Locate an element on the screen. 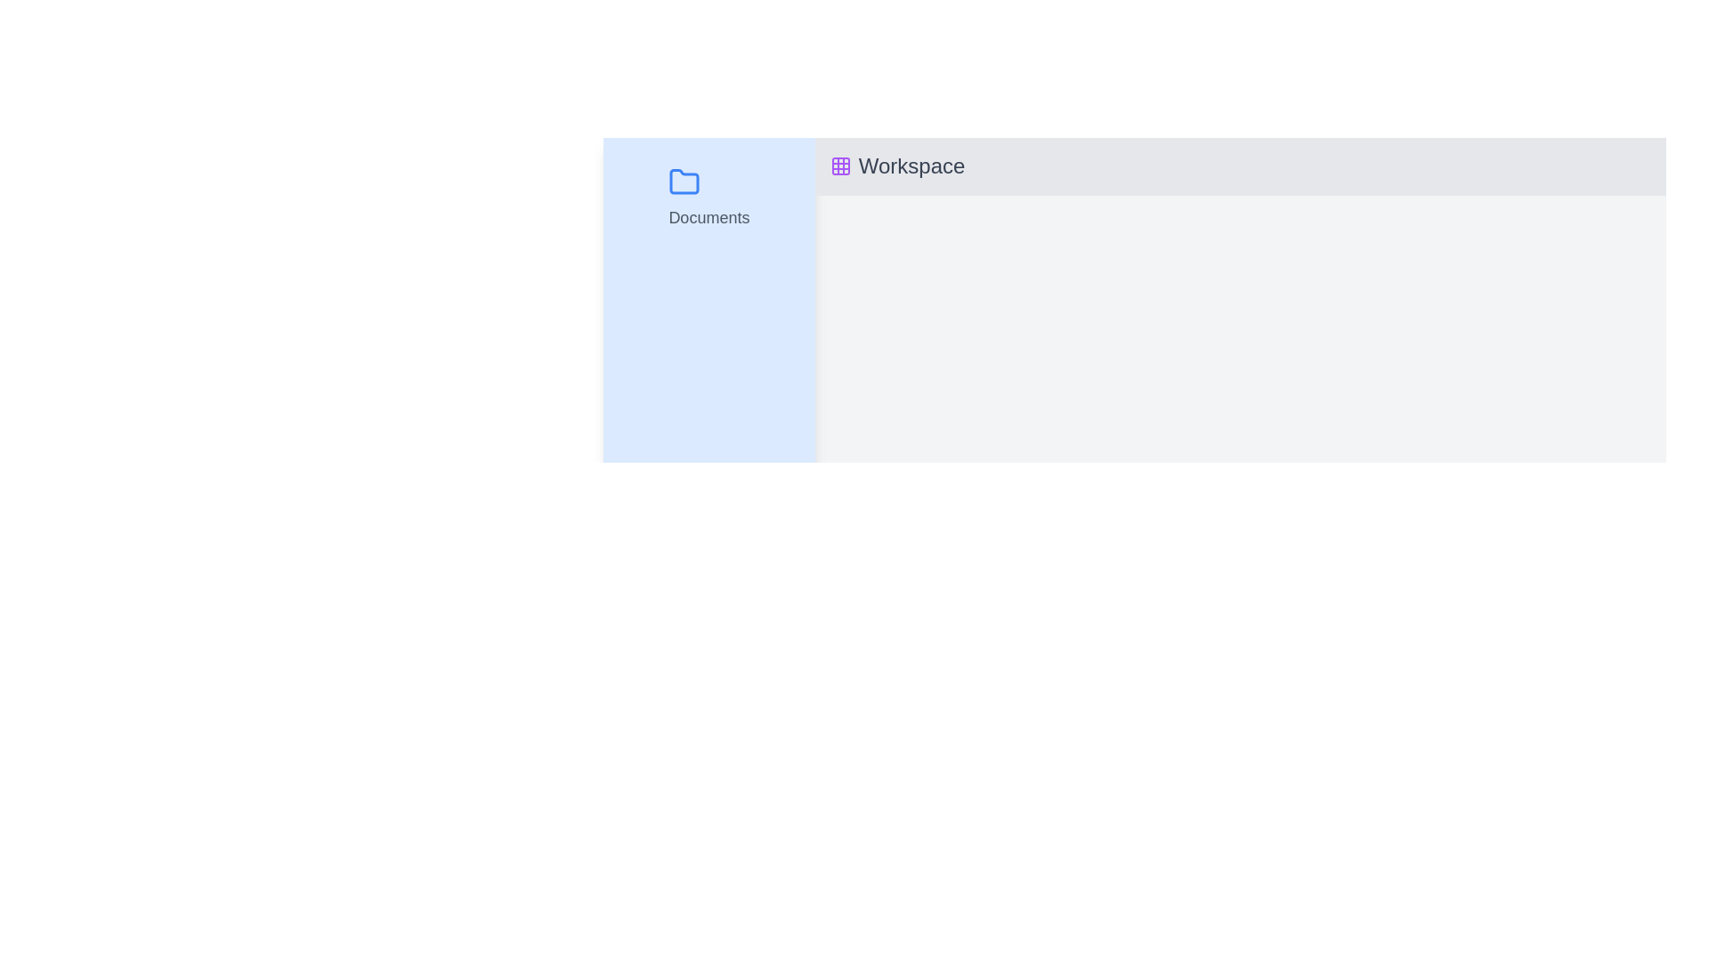  the small rectangular icon with rounded corners, outlined with a purple stroke, located in the top-left corner of the grid is located at coordinates (839, 166).